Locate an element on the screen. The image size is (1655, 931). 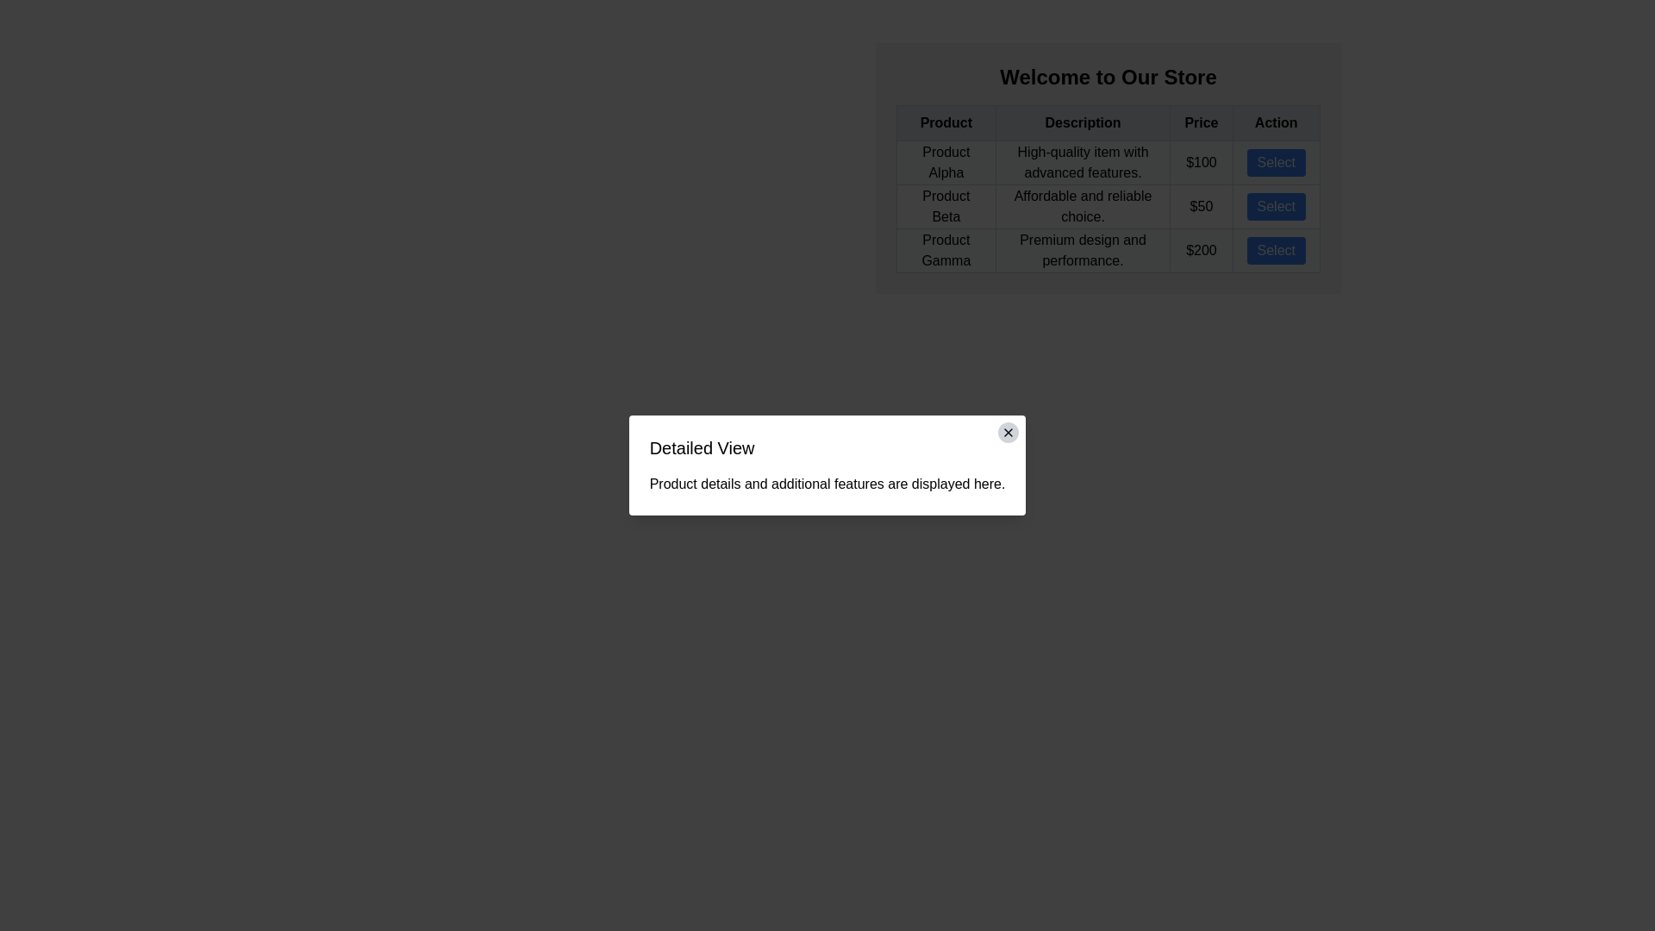
the non-interactive header cell for the Action column located in the top-right corner of the table, following the 'Price' header is located at coordinates (1276, 122).